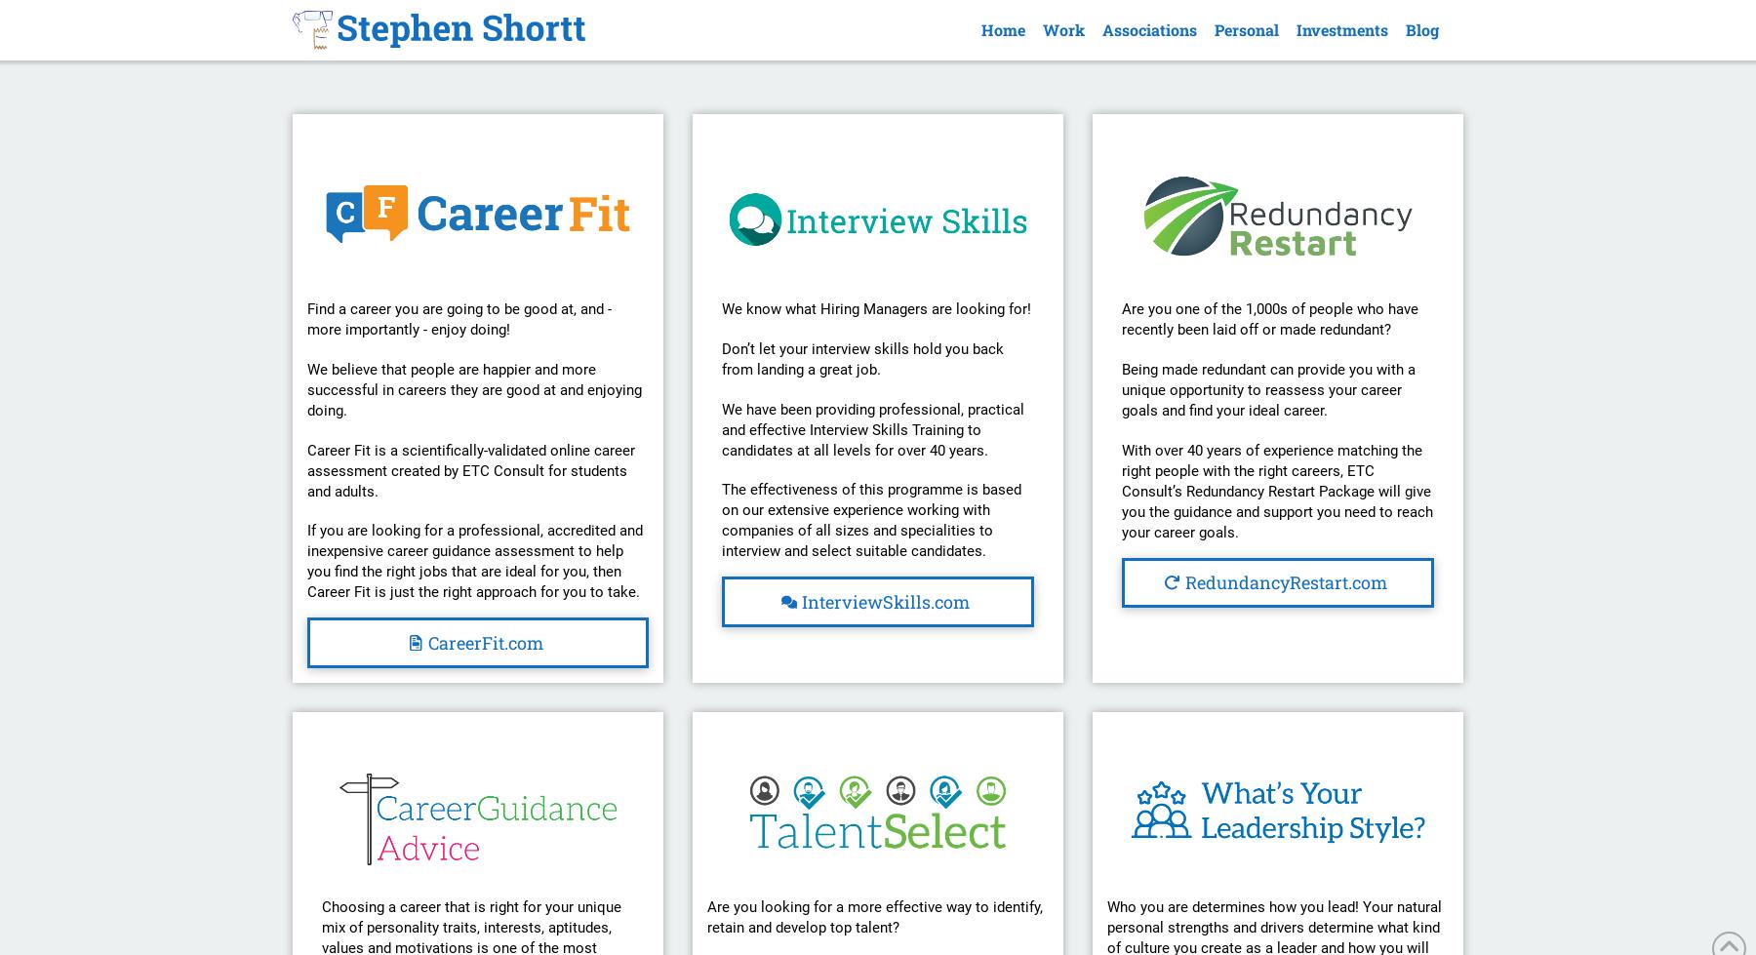 This screenshot has height=955, width=1756. What do you see at coordinates (872, 428) in the screenshot?
I see `'We have been providing professional, practical and effective Interview Skills Training to candidates at all levels for over 40 years.'` at bounding box center [872, 428].